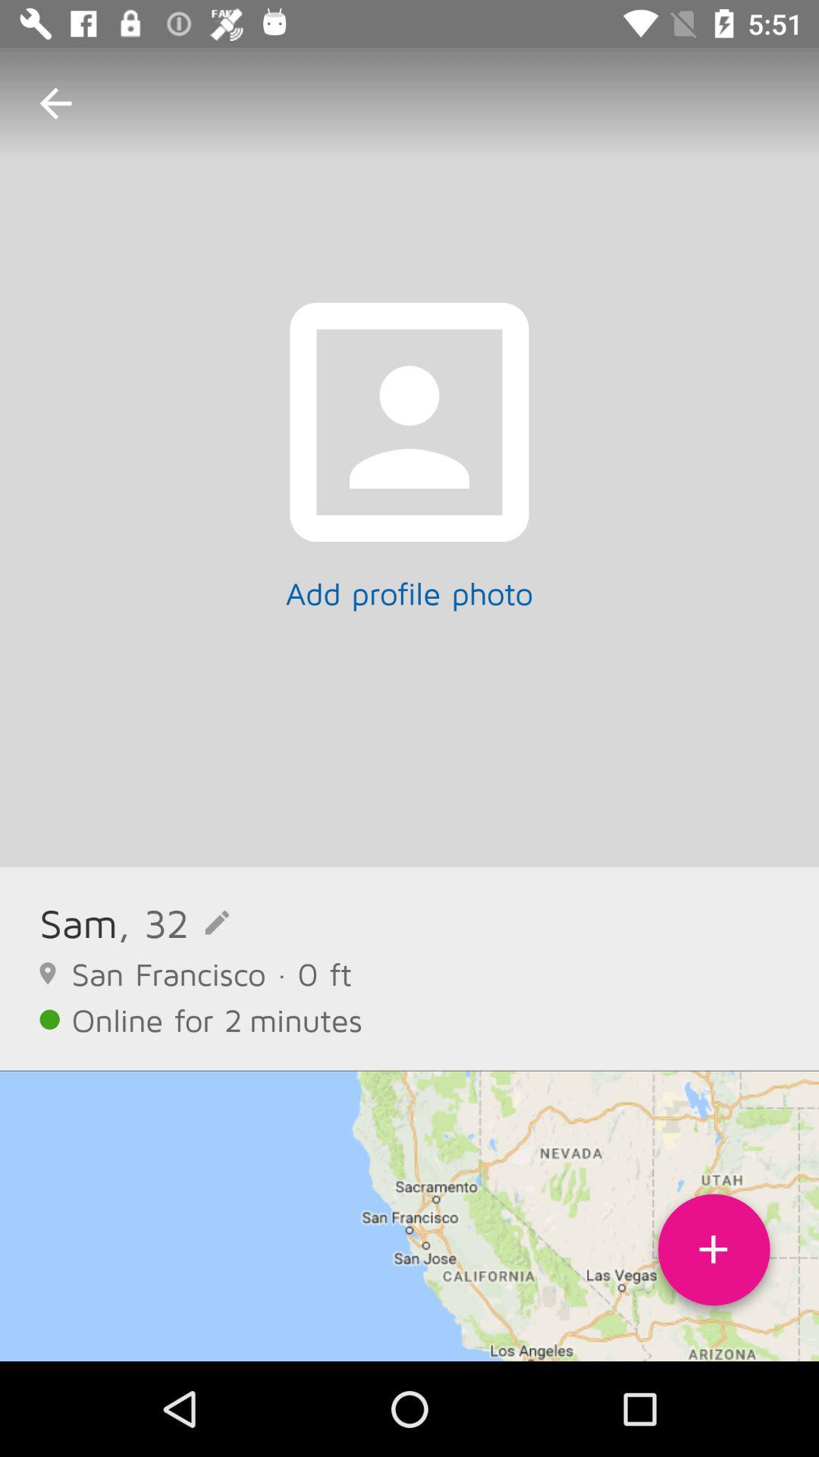 The image size is (819, 1457). Describe the element at coordinates (172, 922) in the screenshot. I see `, 32 item` at that location.